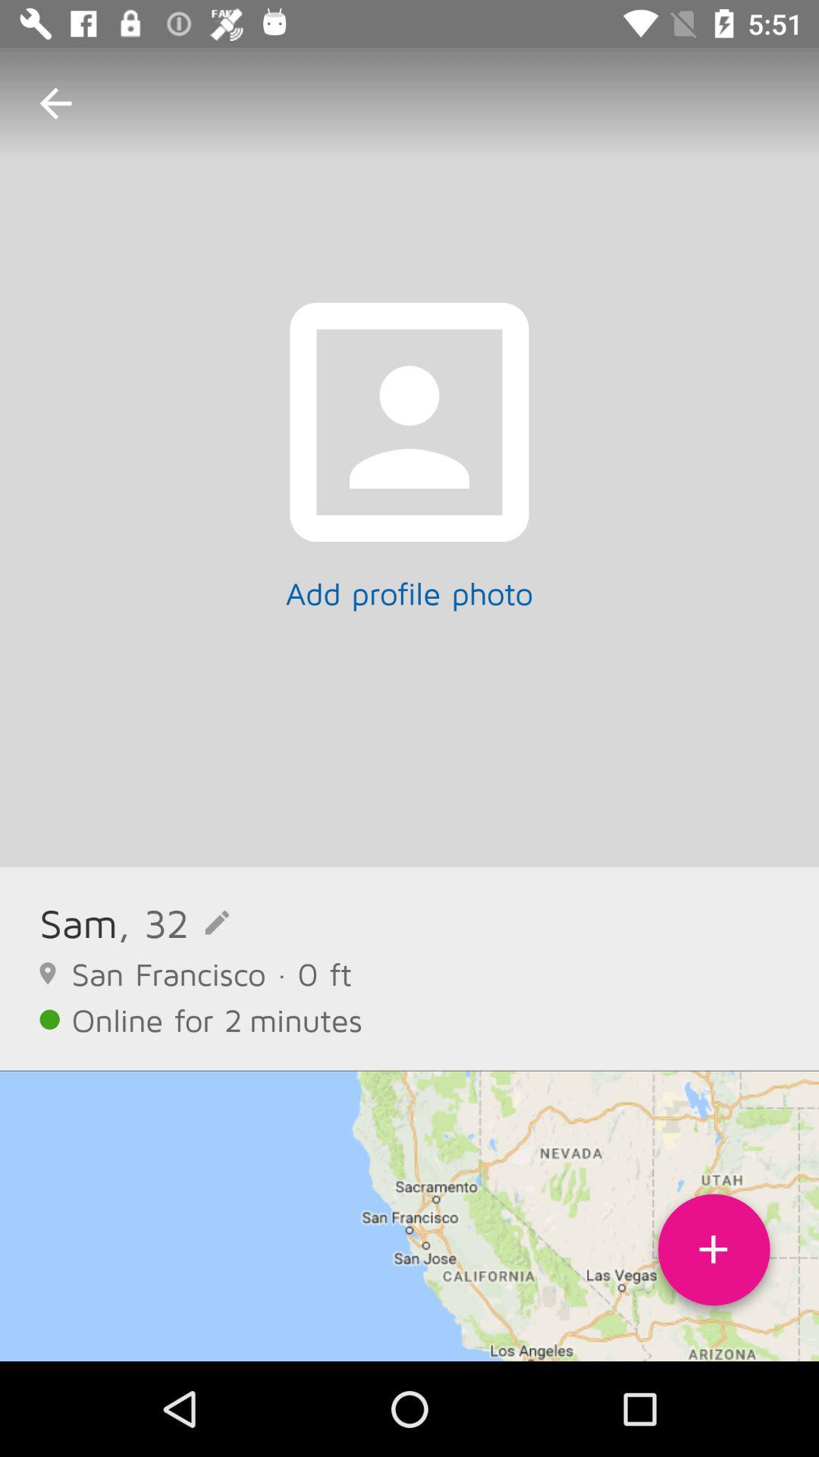 The image size is (819, 1457). Describe the element at coordinates (172, 922) in the screenshot. I see `, 32 item` at that location.